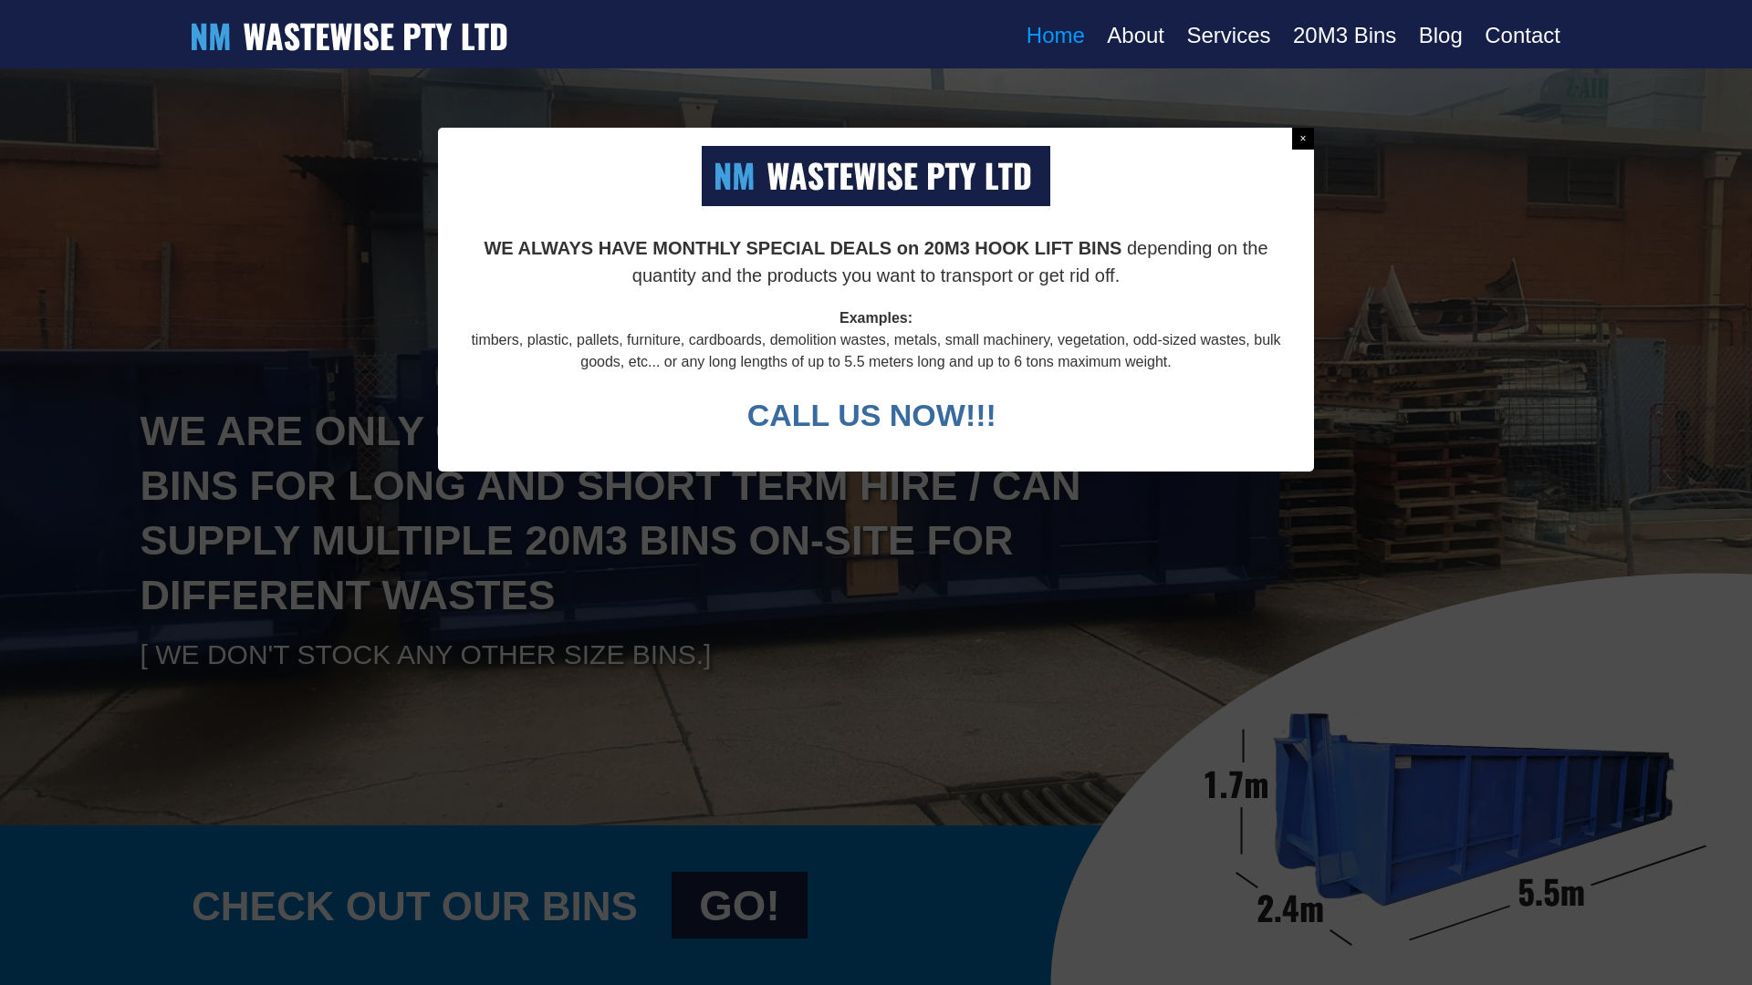 The height and width of the screenshot is (985, 1752). I want to click on 'Services', so click(1227, 35).